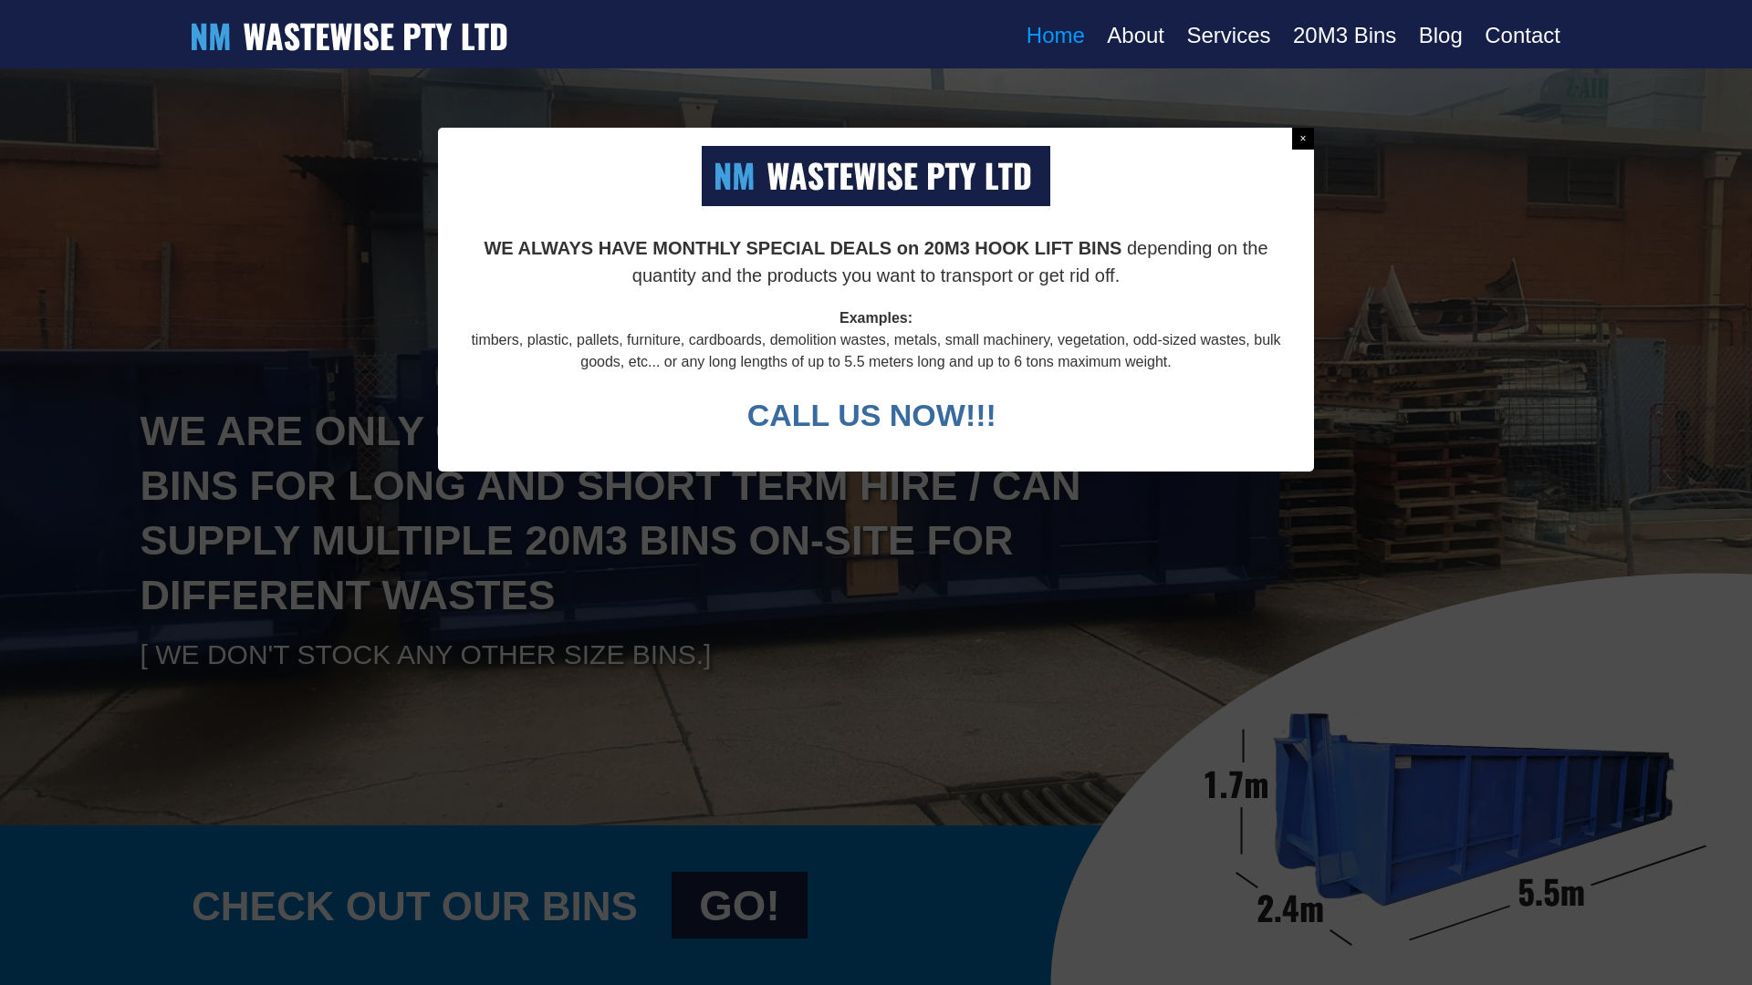 The height and width of the screenshot is (985, 1752). I want to click on 'Services', so click(1227, 35).